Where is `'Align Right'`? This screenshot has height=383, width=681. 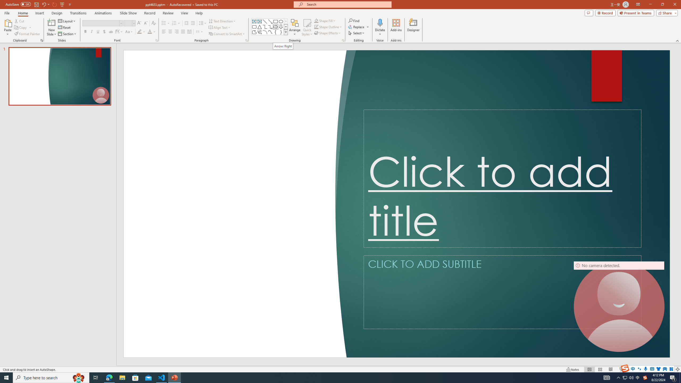
'Align Right' is located at coordinates (177, 31).